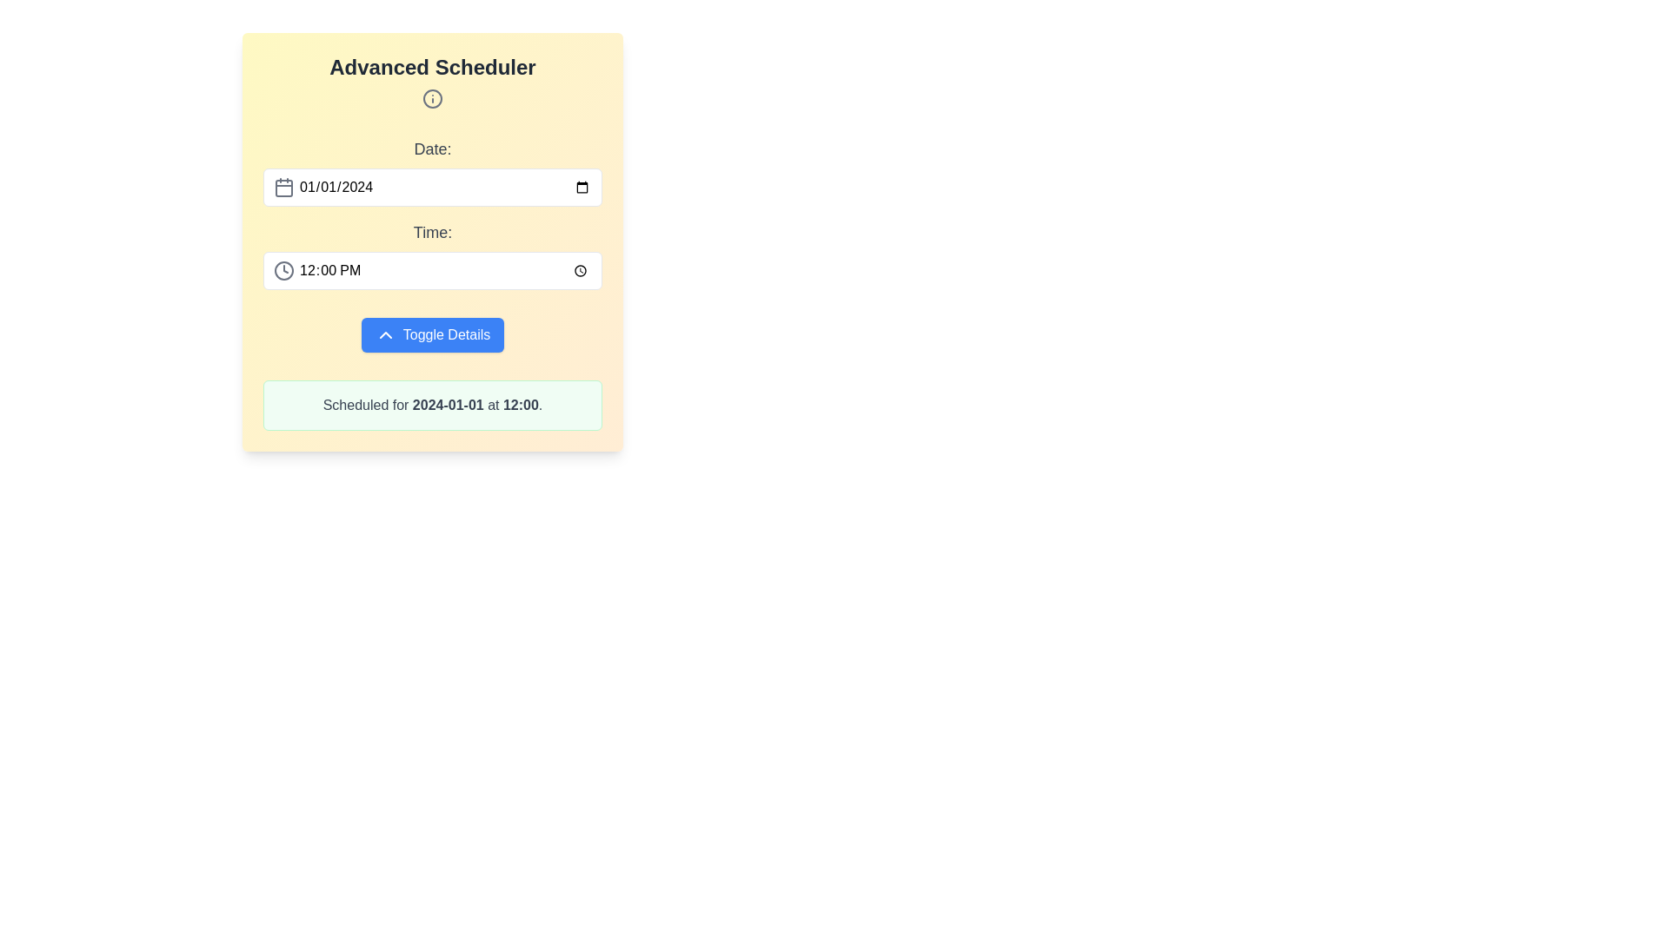 The width and height of the screenshot is (1669, 938). What do you see at coordinates (283, 188) in the screenshot?
I see `the calendar icon, which is a minimalistic, outlined gray icon located to the left of the date input field` at bounding box center [283, 188].